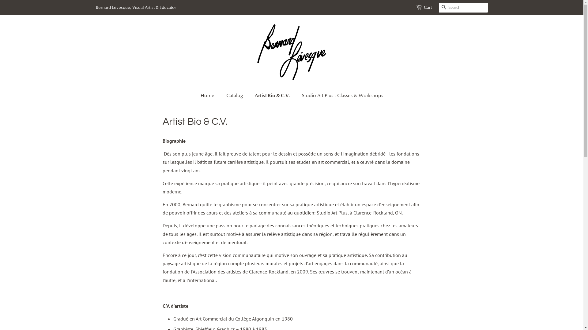  I want to click on 'Home', so click(210, 96).